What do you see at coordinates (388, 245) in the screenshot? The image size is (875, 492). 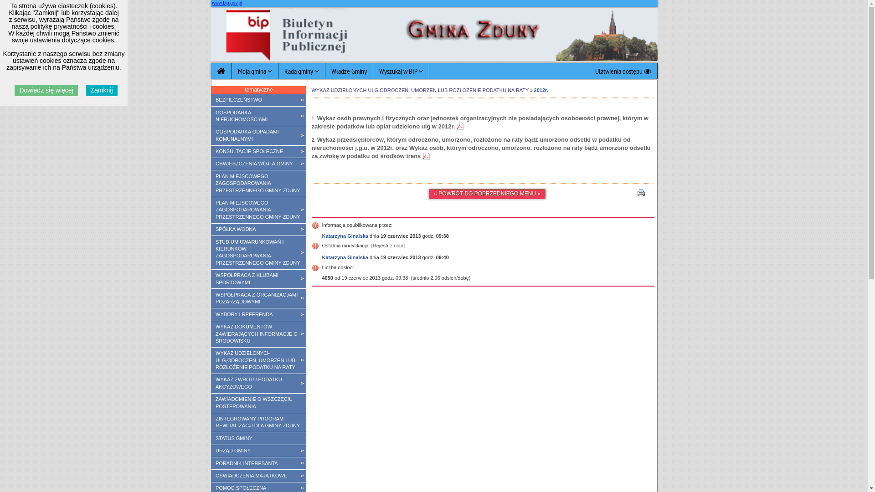 I see `'Rejestr zmian'` at bounding box center [388, 245].